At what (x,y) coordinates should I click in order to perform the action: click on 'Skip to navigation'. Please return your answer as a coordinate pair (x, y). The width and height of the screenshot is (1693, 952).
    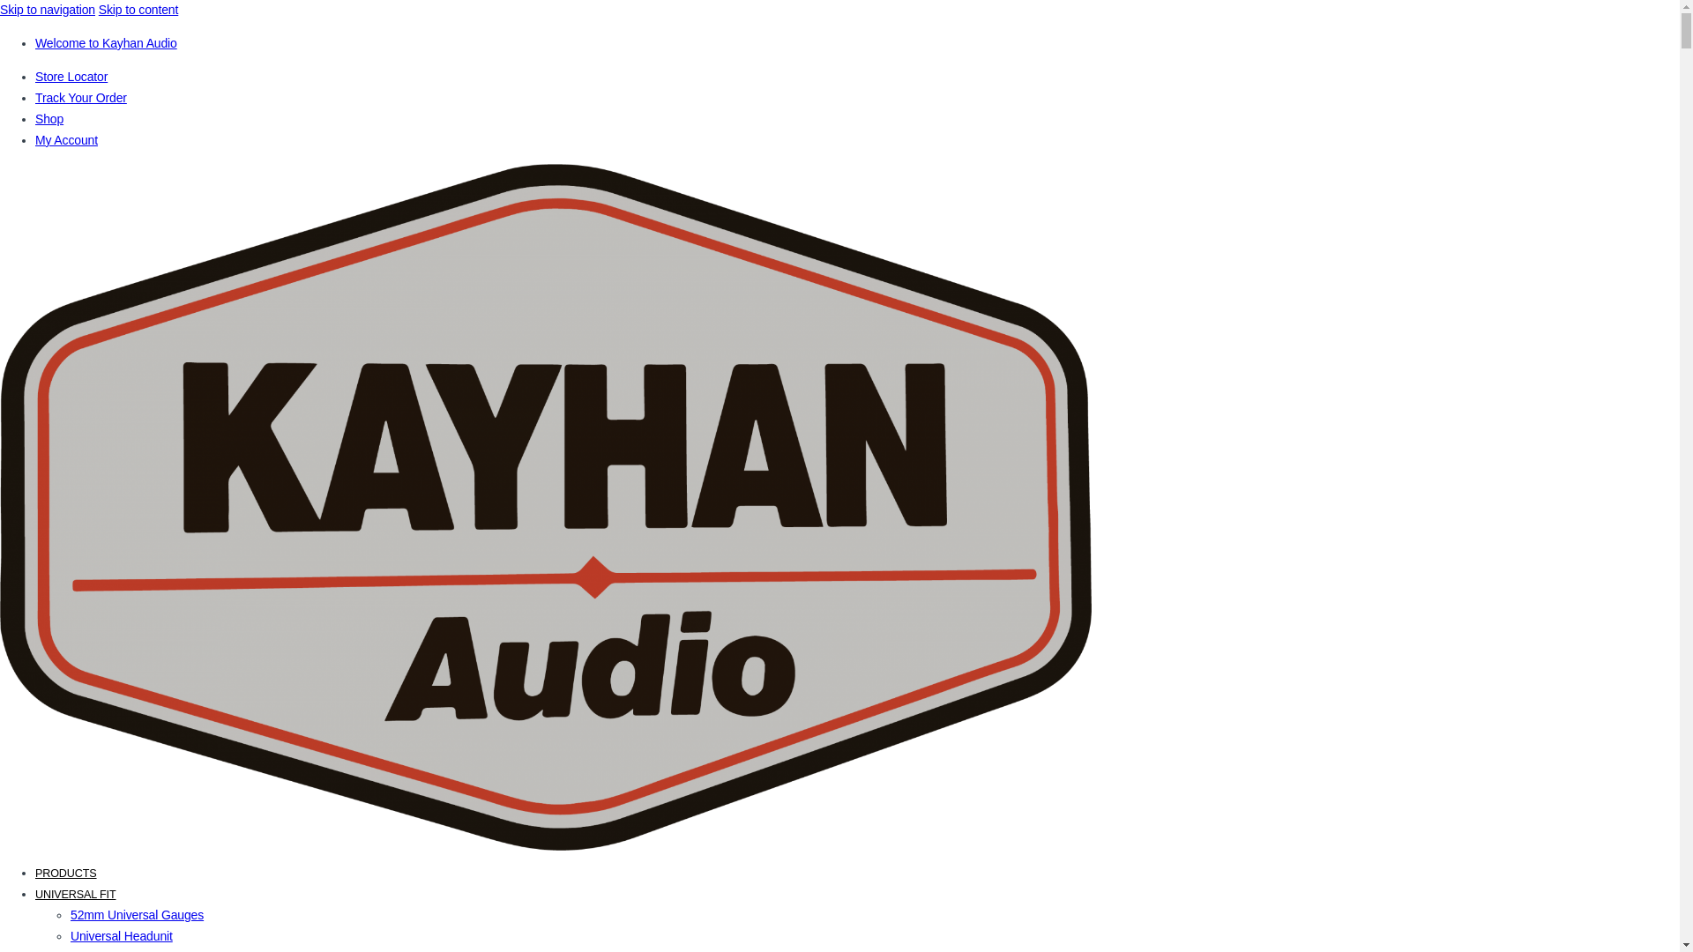
    Looking at the image, I should click on (47, 10).